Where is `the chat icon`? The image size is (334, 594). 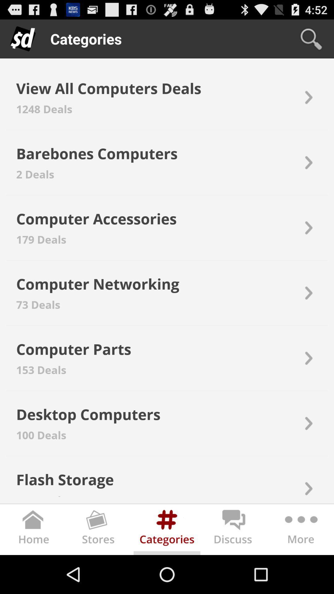 the chat icon is located at coordinates (234, 568).